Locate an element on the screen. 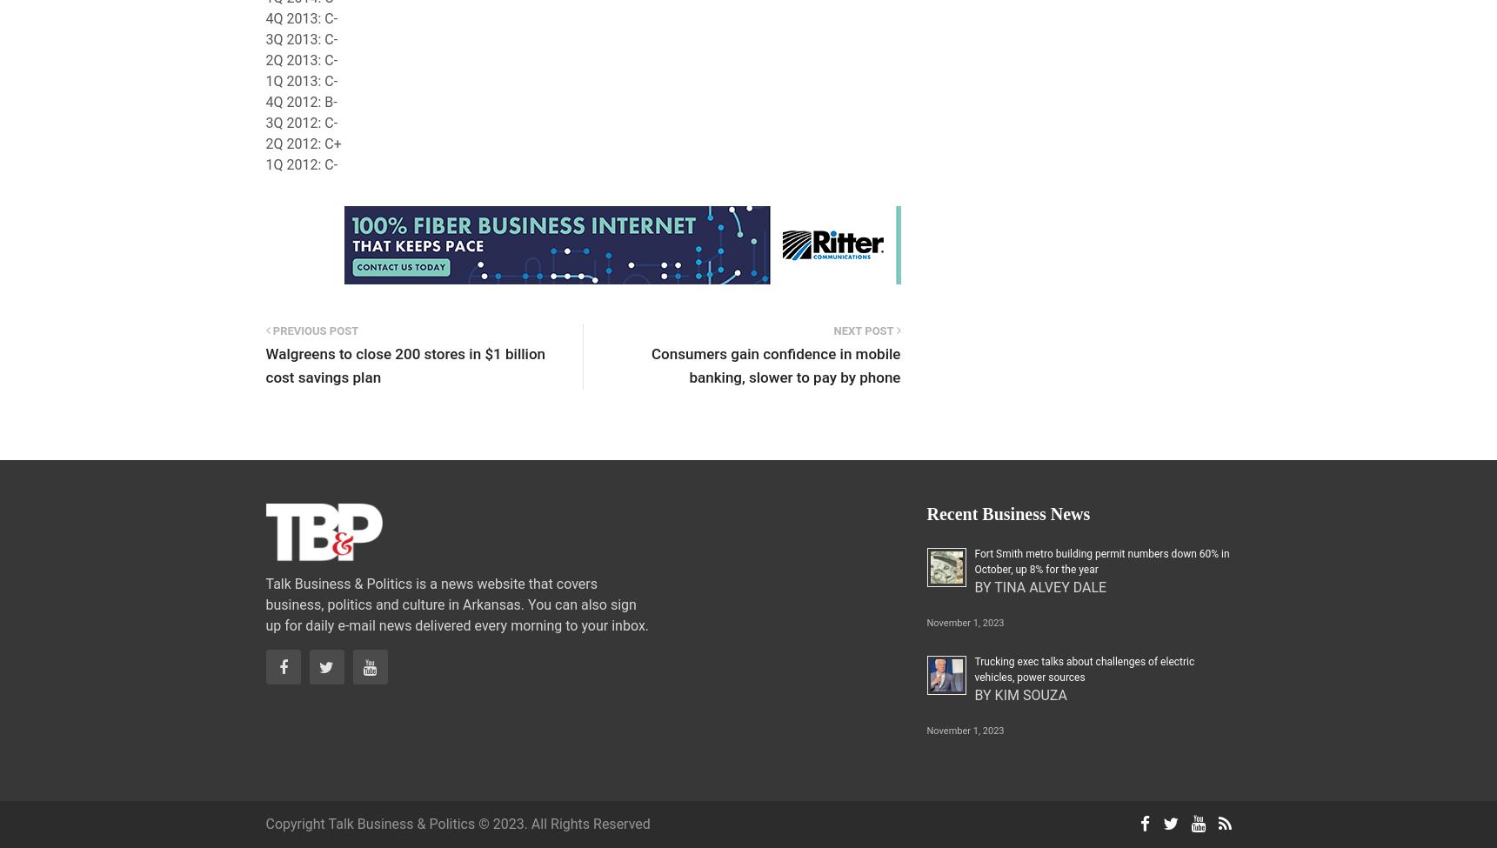 The width and height of the screenshot is (1497, 848). '3Q 2012: C-' is located at coordinates (301, 122).